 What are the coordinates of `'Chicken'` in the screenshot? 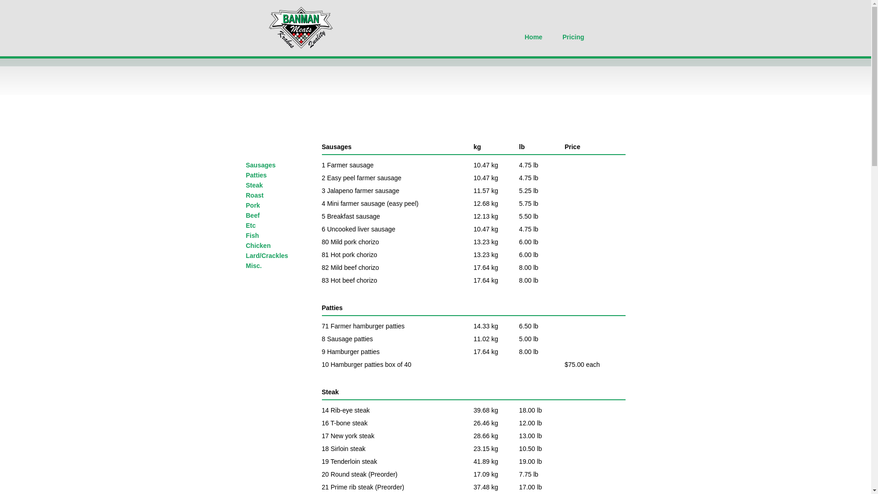 It's located at (258, 245).